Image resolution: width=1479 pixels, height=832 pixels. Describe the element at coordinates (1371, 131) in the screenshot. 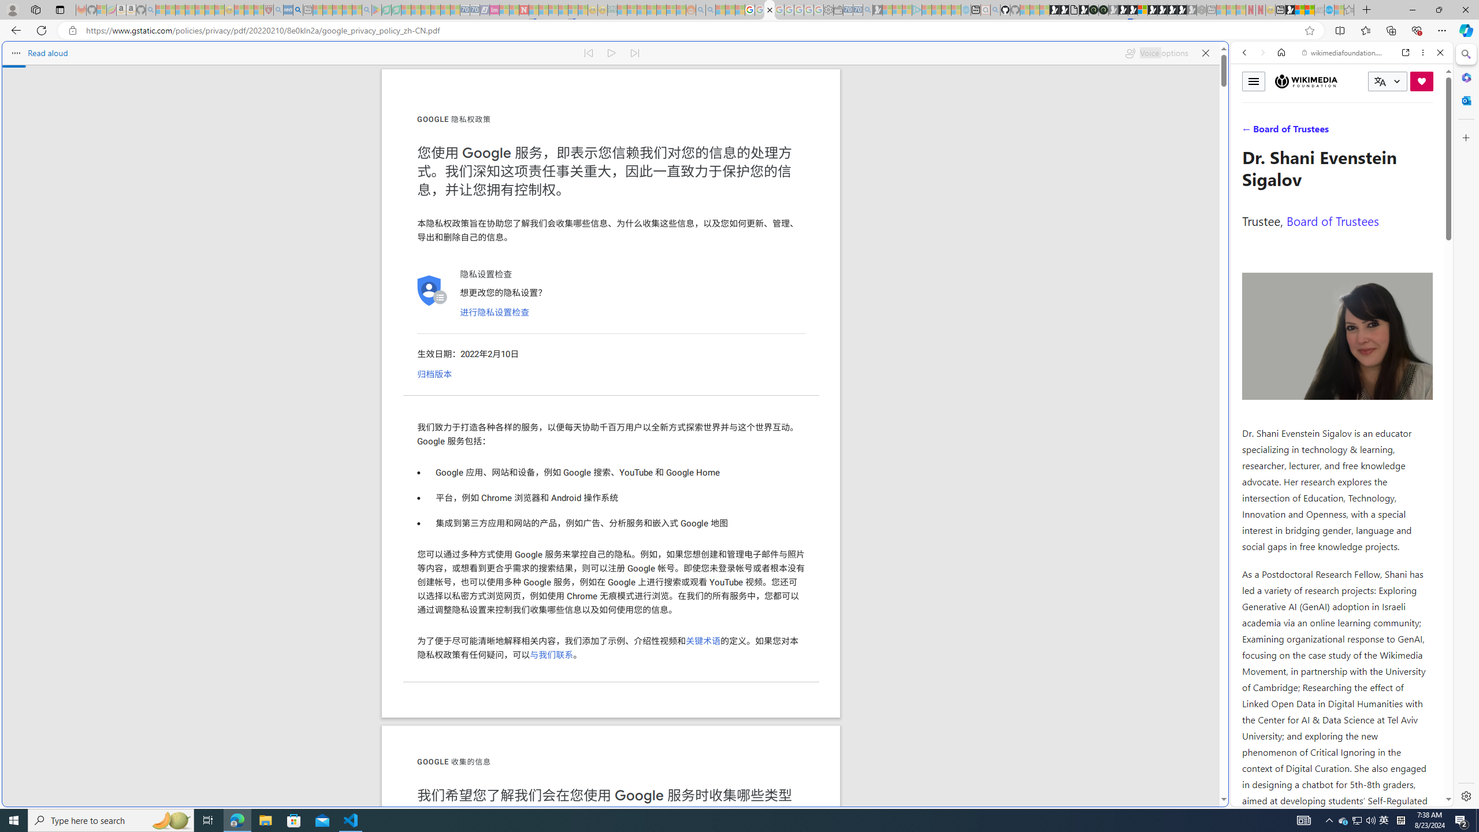

I see `'Search Filter, Search Tools'` at that location.